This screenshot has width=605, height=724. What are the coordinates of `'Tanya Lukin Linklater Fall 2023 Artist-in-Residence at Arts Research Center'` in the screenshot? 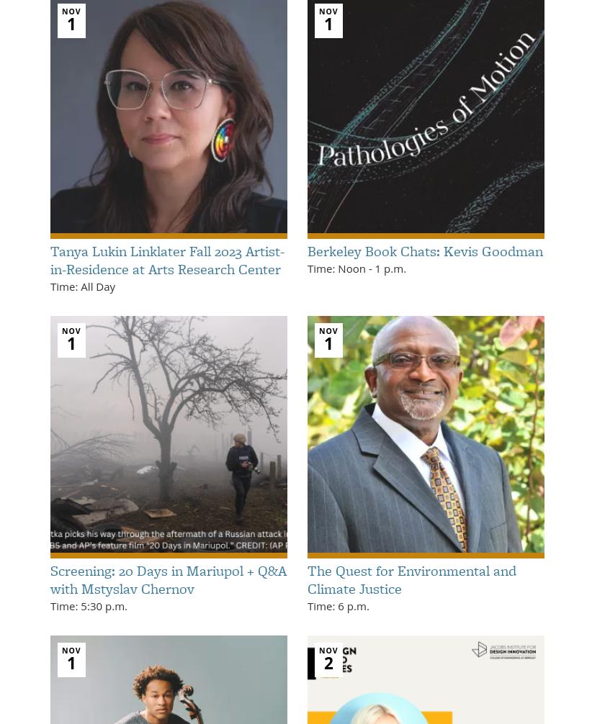 It's located at (167, 258).